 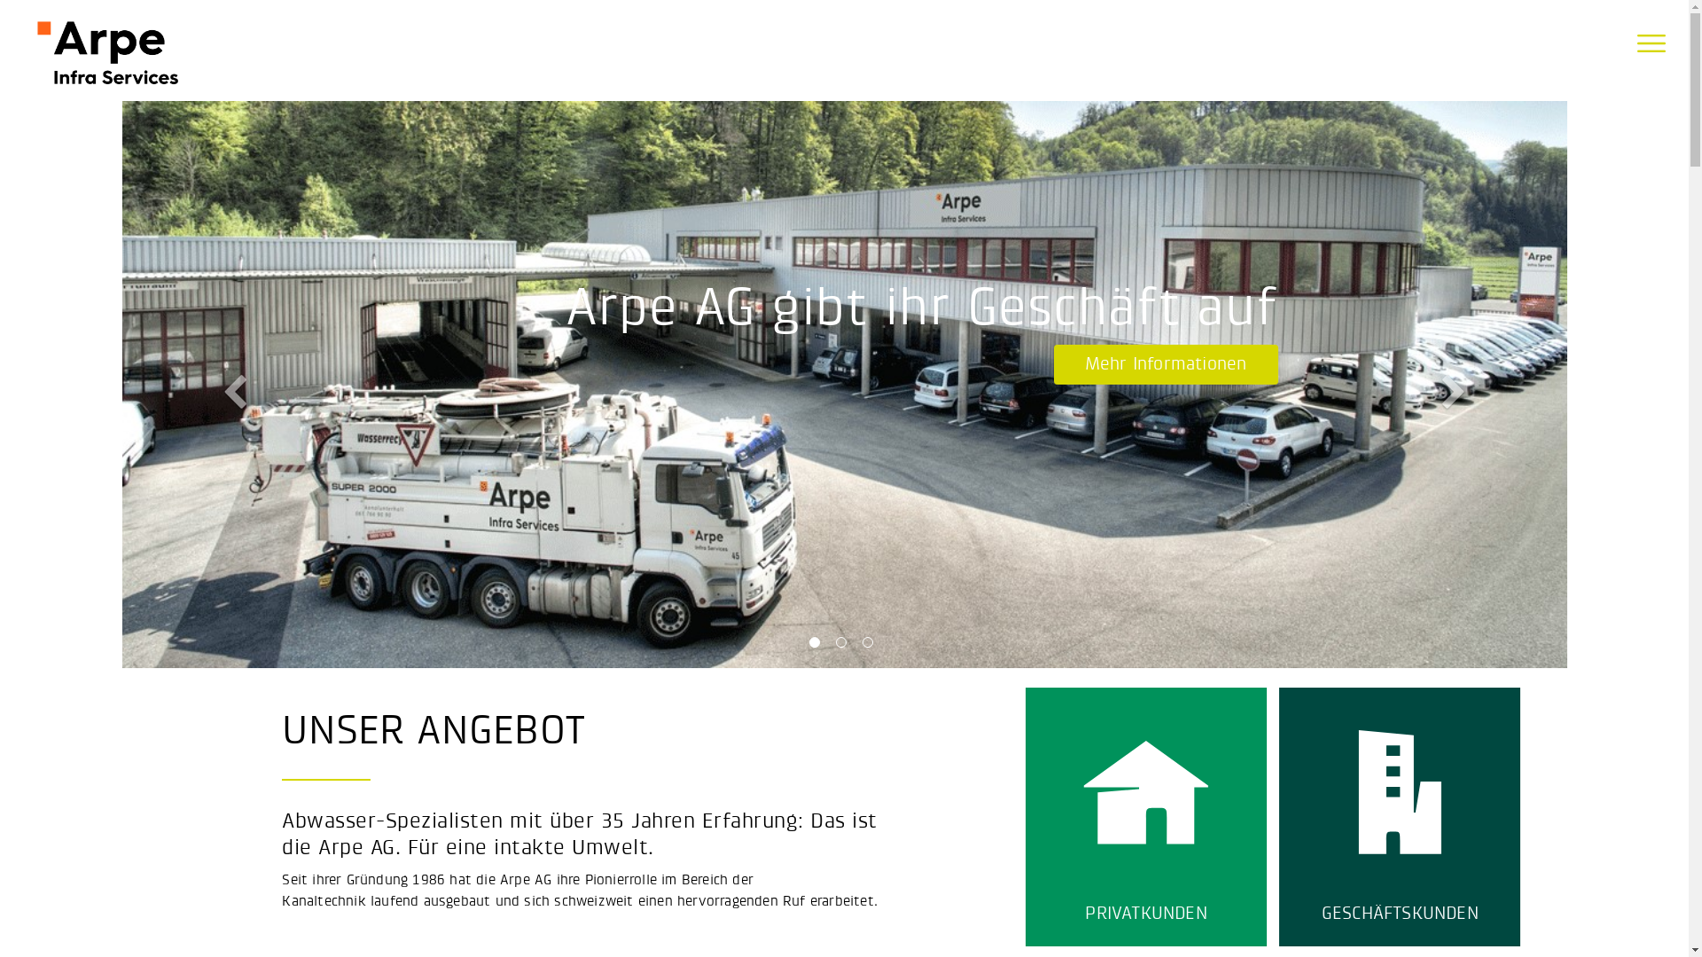 What do you see at coordinates (861, 646) in the screenshot?
I see `'3'` at bounding box center [861, 646].